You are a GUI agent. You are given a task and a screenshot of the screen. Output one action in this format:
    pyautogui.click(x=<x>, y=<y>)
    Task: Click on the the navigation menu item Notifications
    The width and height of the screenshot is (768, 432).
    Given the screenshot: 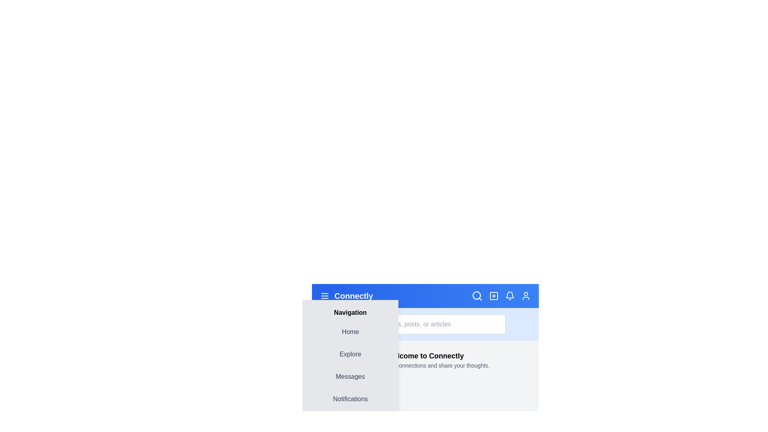 What is the action you would take?
    pyautogui.click(x=350, y=399)
    